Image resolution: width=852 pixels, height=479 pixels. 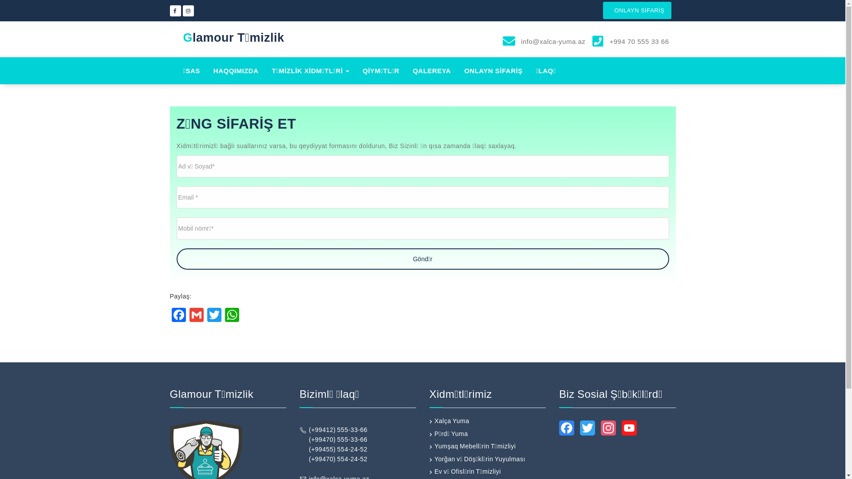 I want to click on 'Gmail', so click(x=187, y=315).